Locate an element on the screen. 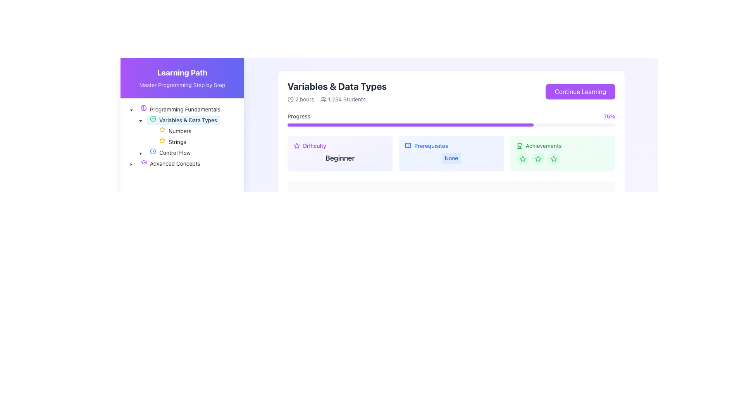 The image size is (744, 418). the green circular status indicator with a checkmark, which represents a successful action, located next to 'Variables & Data Types' in the left-side navigation pane is located at coordinates (153, 119).